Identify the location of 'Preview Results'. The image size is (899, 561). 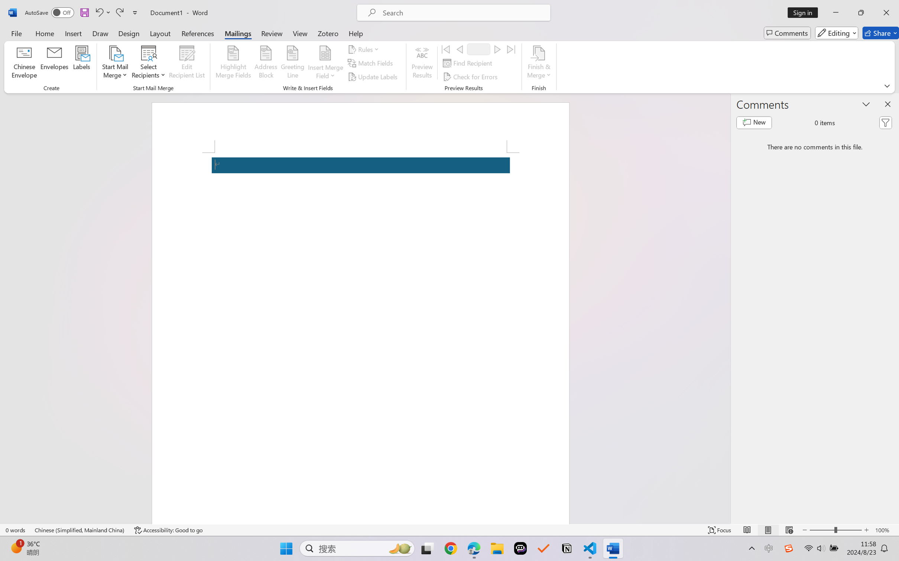
(422, 63).